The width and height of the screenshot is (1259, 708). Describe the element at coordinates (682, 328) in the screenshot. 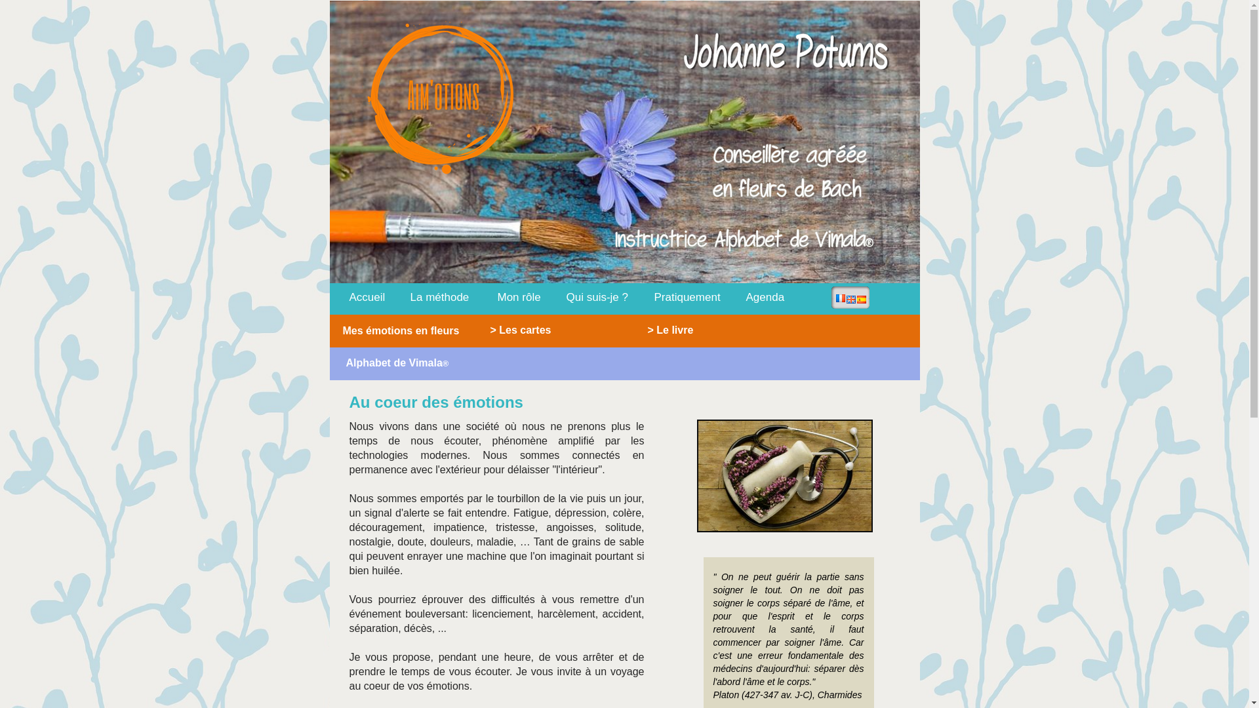

I see `'> Le livre'` at that location.